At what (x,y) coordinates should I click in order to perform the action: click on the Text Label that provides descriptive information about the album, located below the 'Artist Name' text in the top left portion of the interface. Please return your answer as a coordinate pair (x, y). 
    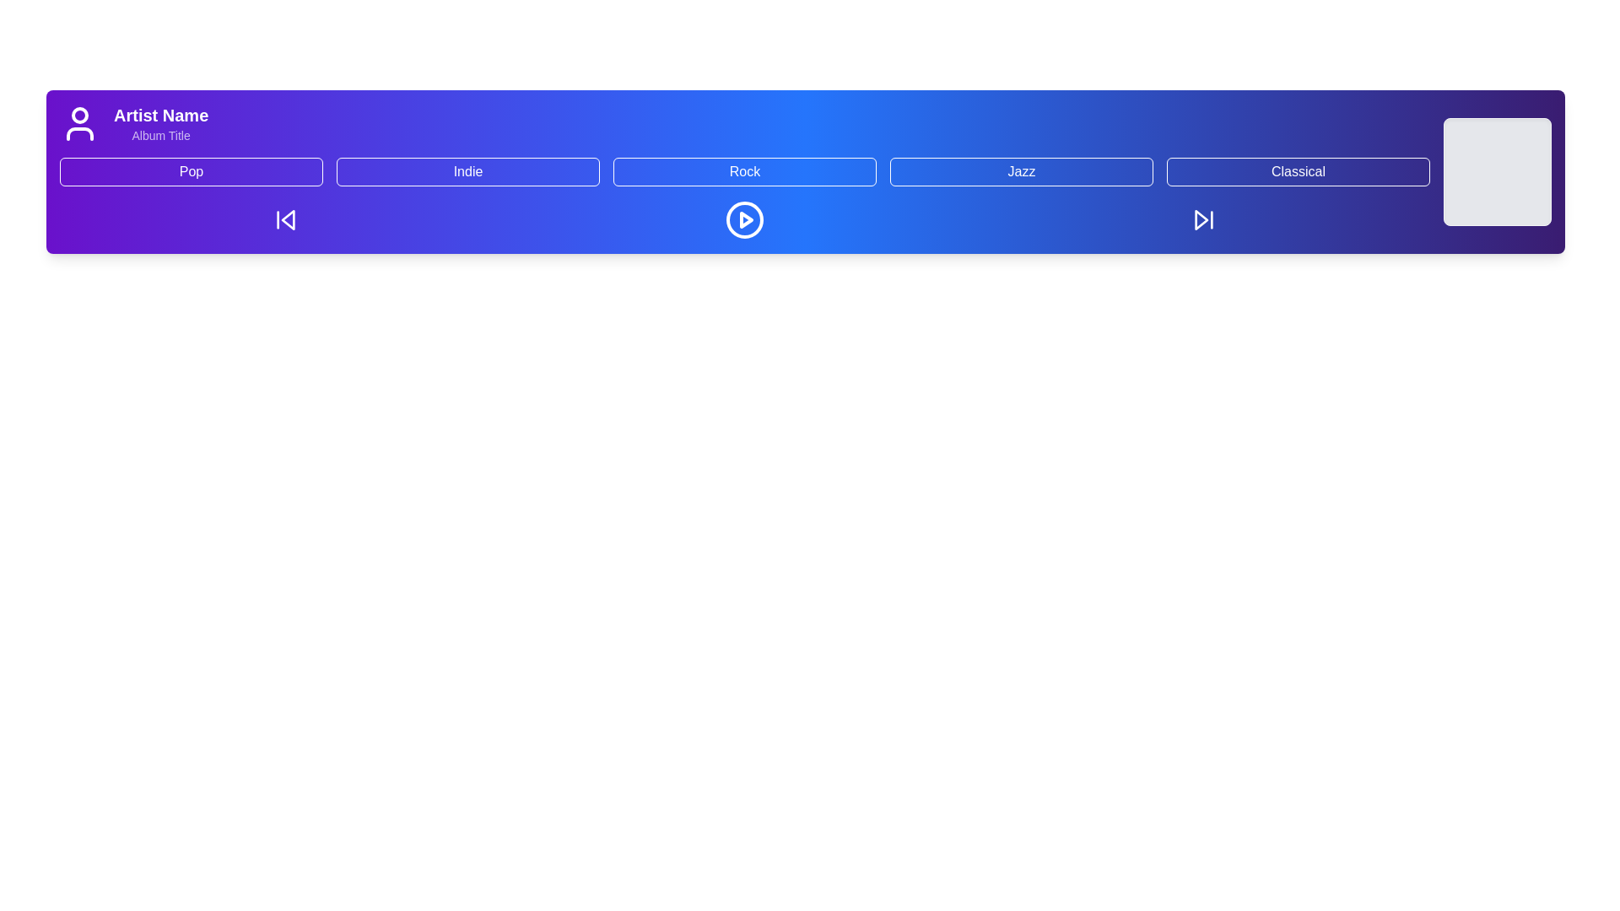
    Looking at the image, I should click on (161, 135).